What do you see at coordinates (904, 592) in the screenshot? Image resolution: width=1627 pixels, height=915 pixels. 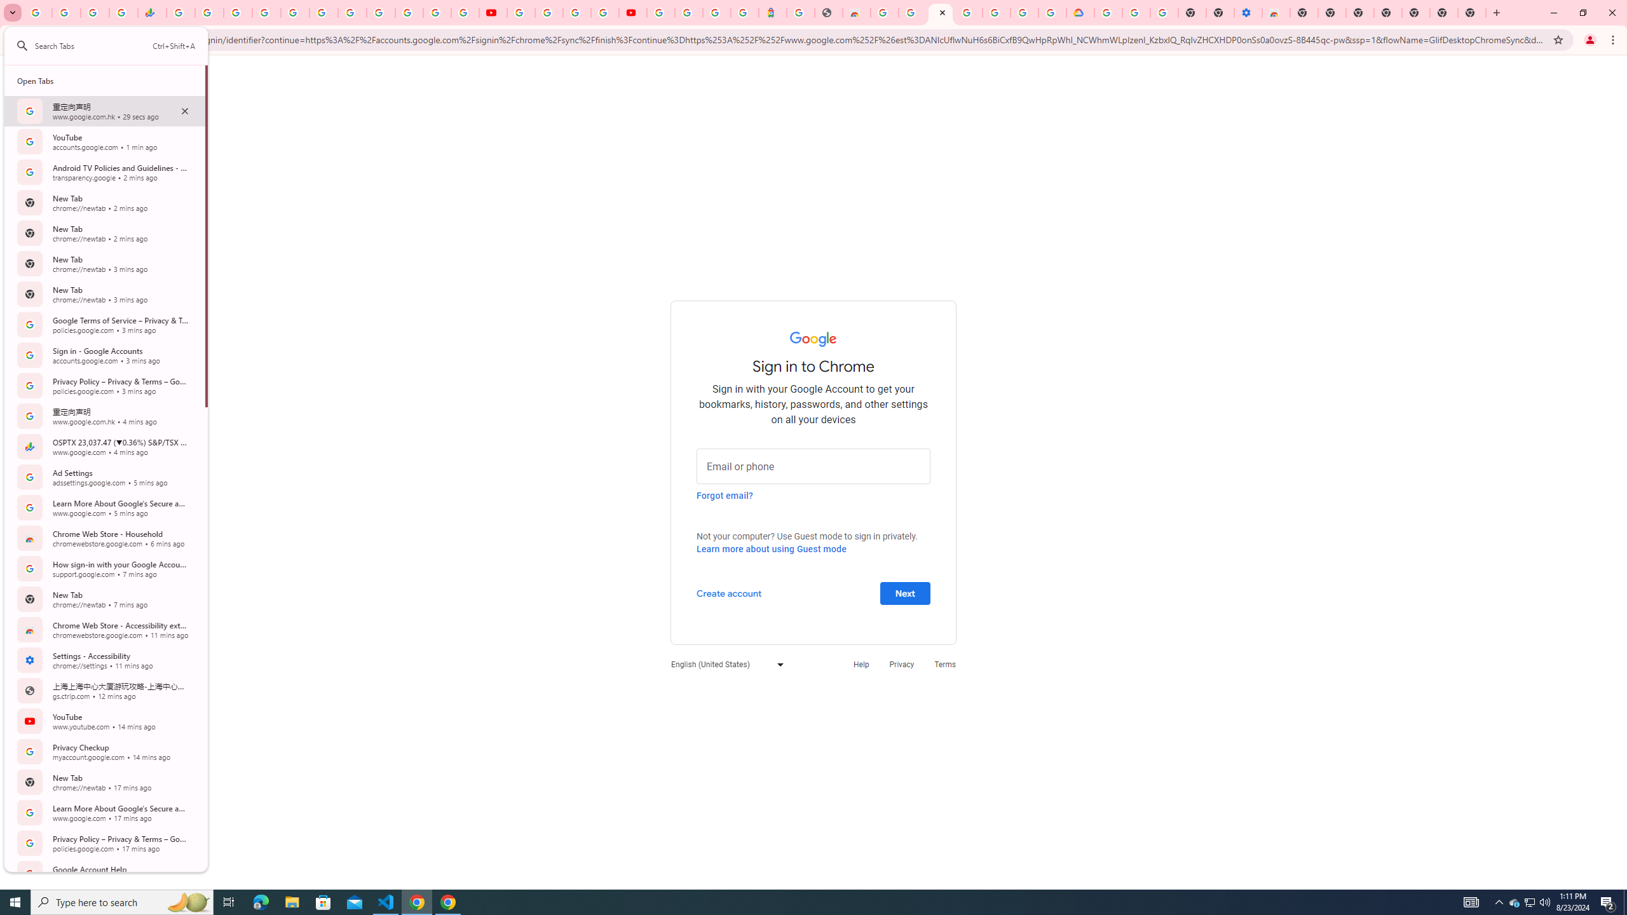 I see `'Next'` at bounding box center [904, 592].